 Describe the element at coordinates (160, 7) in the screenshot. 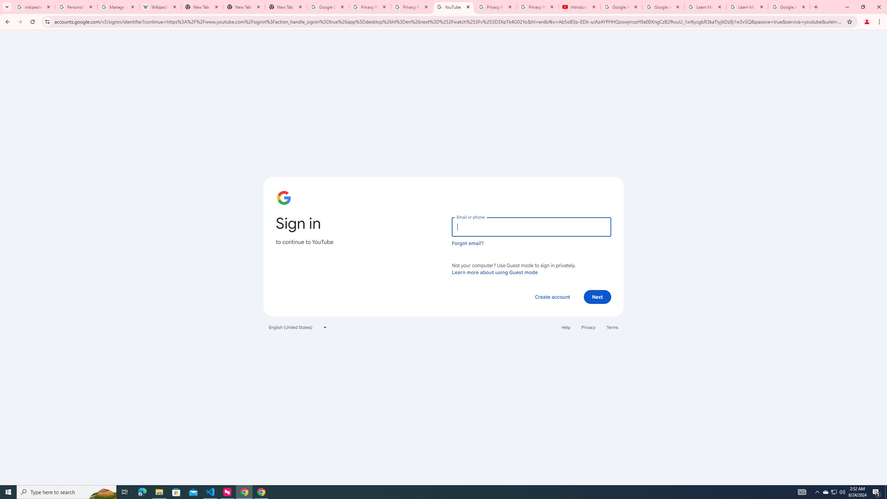

I see `'Wikipedia:Edit requests - Wikipedia'` at that location.